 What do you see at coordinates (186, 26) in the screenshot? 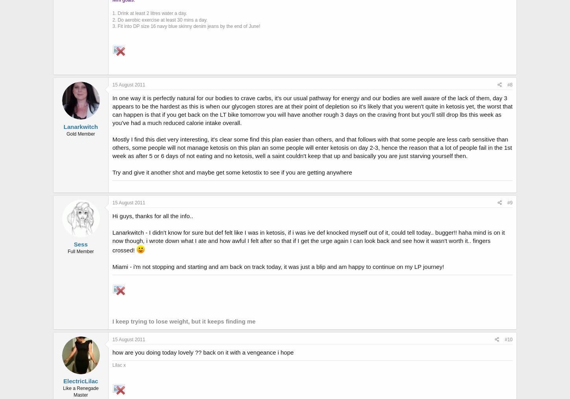
I see `'3. Fit into DP size 16 navy blue skinny denim jeans by the end of June!'` at bounding box center [186, 26].